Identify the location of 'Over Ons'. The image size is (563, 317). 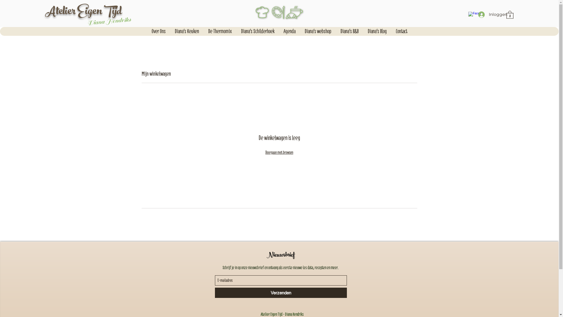
(158, 31).